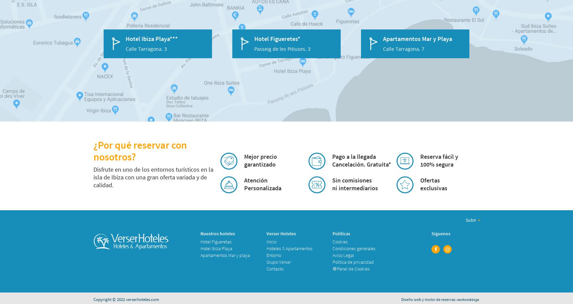  I want to click on 'Cancelación. Gratuita*', so click(361, 164).